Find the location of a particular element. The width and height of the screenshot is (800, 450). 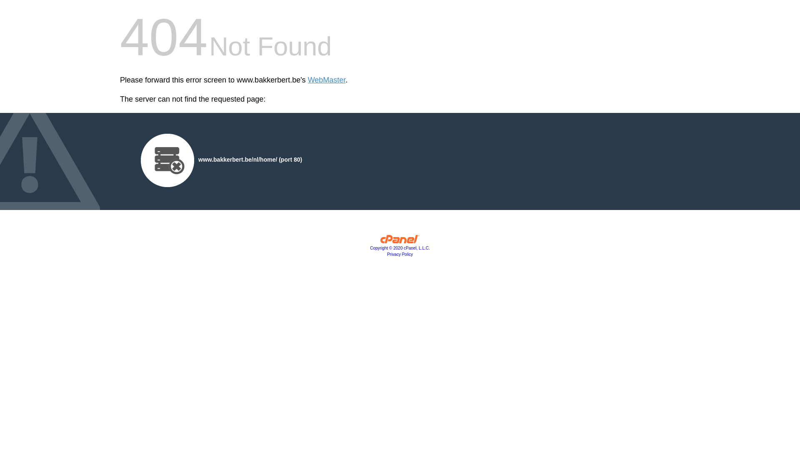

'WebMaster' is located at coordinates (326, 80).